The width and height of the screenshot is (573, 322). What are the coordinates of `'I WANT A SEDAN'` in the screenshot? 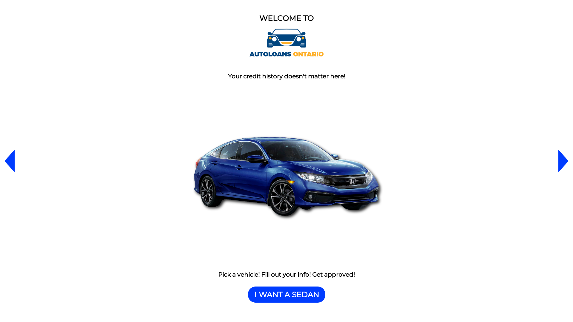 It's located at (286, 294).